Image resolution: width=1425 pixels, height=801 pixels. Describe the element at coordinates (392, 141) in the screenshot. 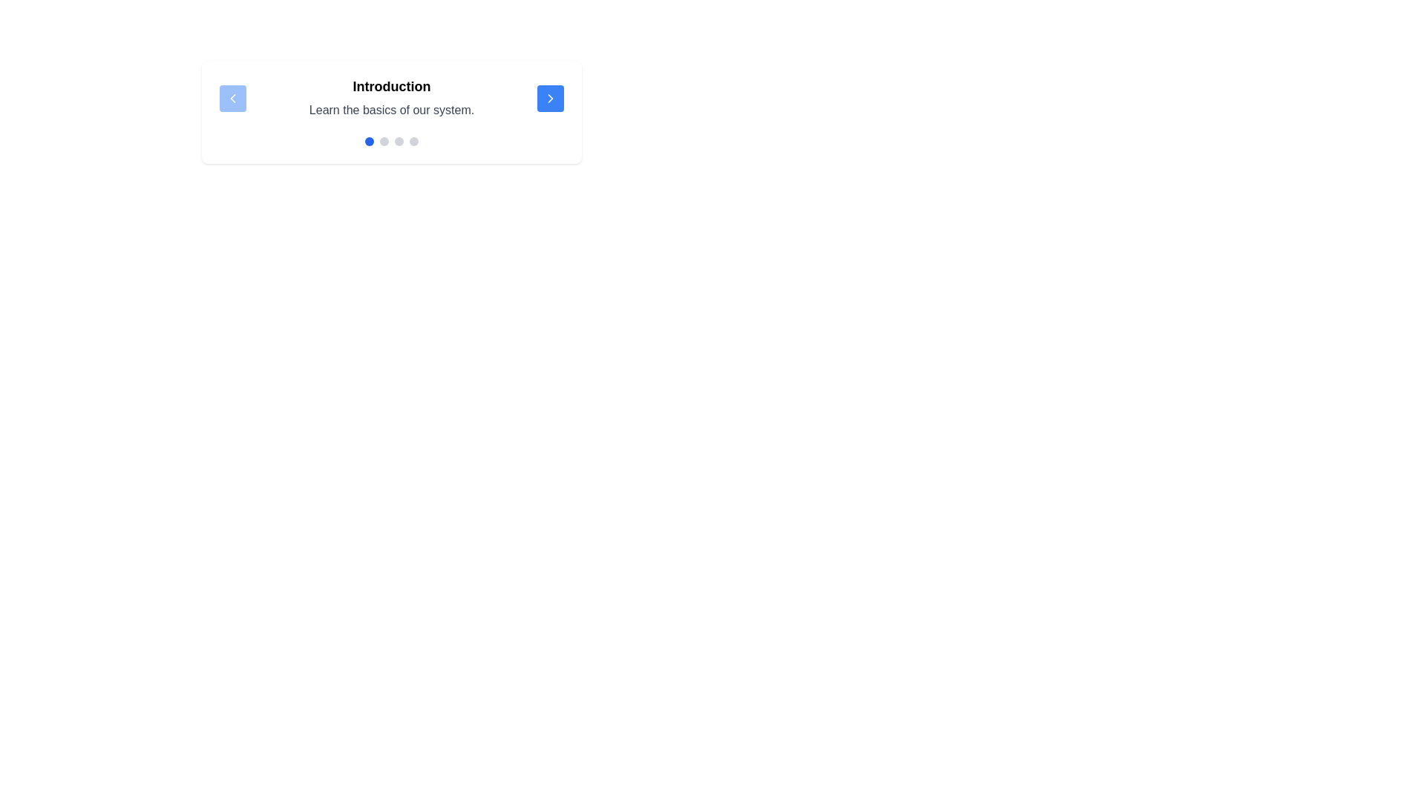

I see `the blue circle Carousel indicator located at the bottom of the card` at that location.